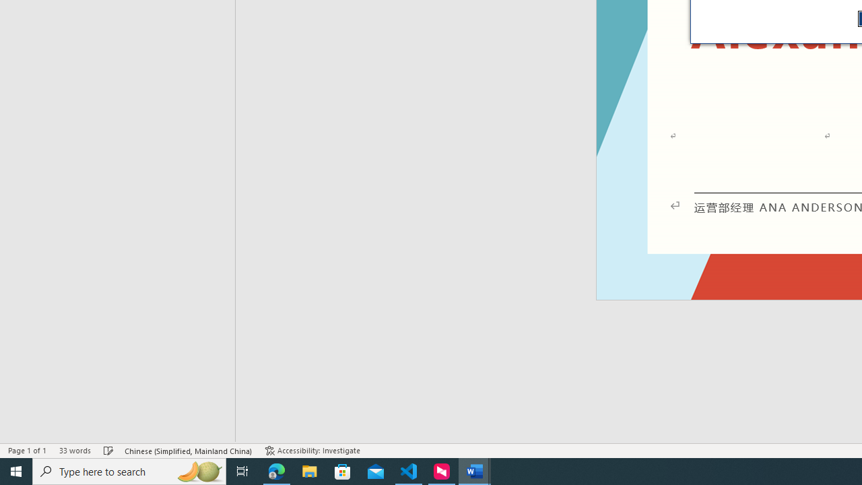 The height and width of the screenshot is (485, 862). Describe the element at coordinates (408, 470) in the screenshot. I see `'Visual Studio Code - 1 running window'` at that location.